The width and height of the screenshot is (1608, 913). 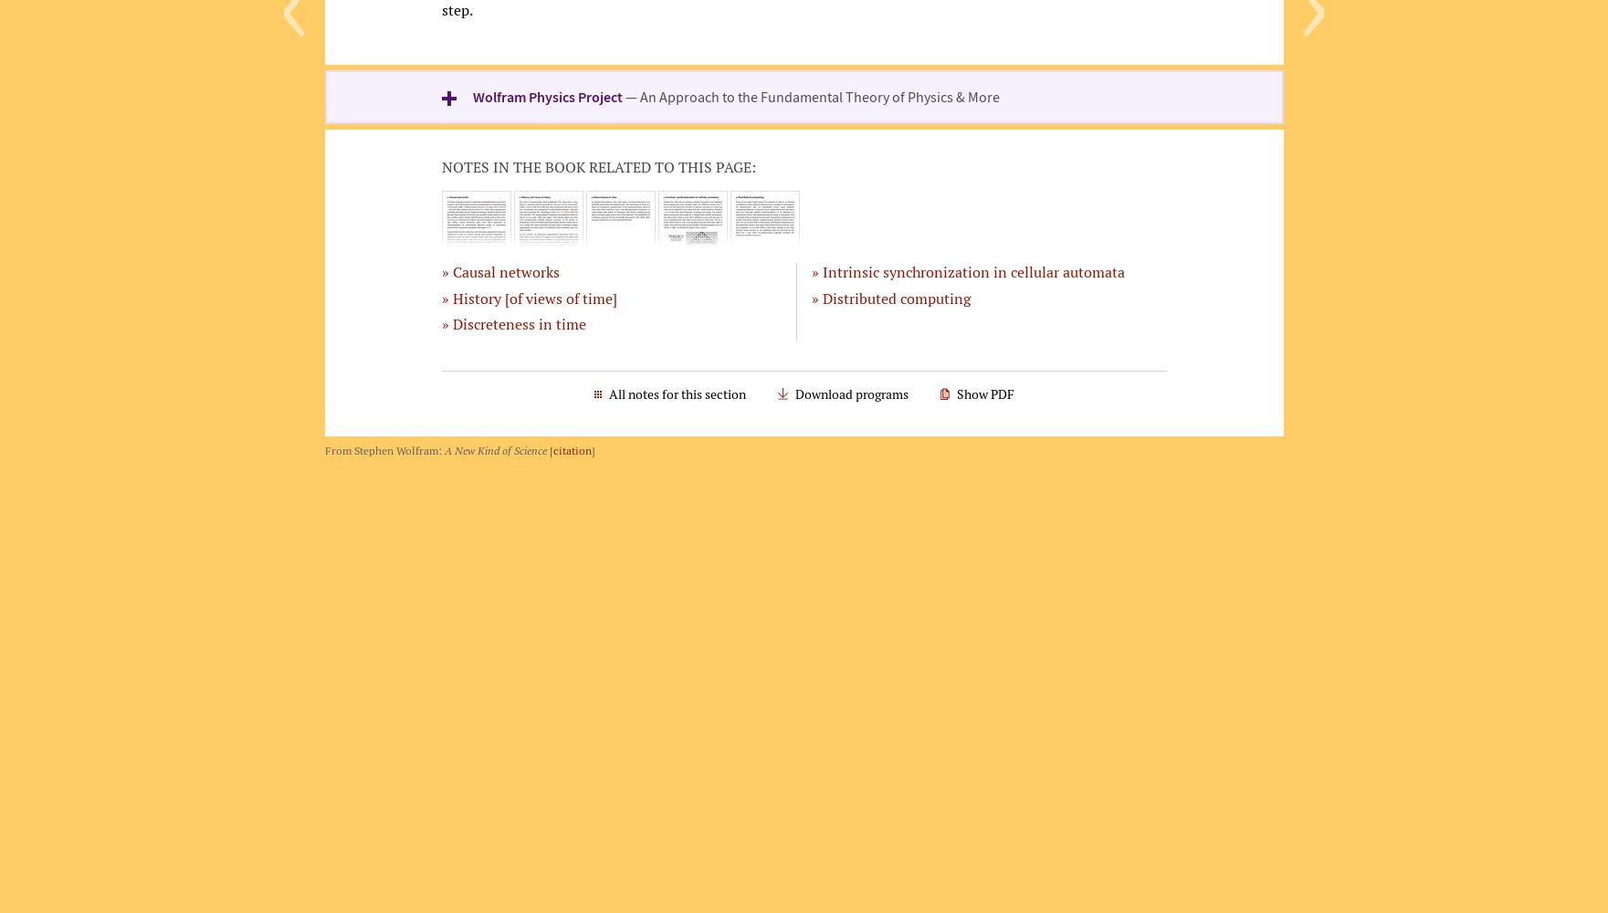 What do you see at coordinates (983, 394) in the screenshot?
I see `'Show PDF'` at bounding box center [983, 394].